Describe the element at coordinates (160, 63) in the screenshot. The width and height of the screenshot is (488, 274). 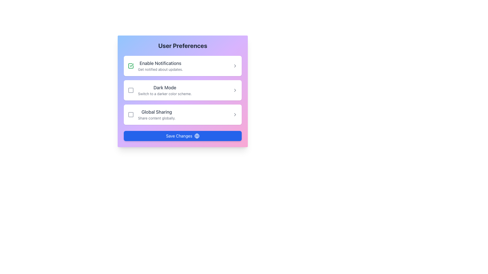
I see `the main label of the first option in the vertically stacked list of preferences, which describes the notification-enabling feature` at that location.